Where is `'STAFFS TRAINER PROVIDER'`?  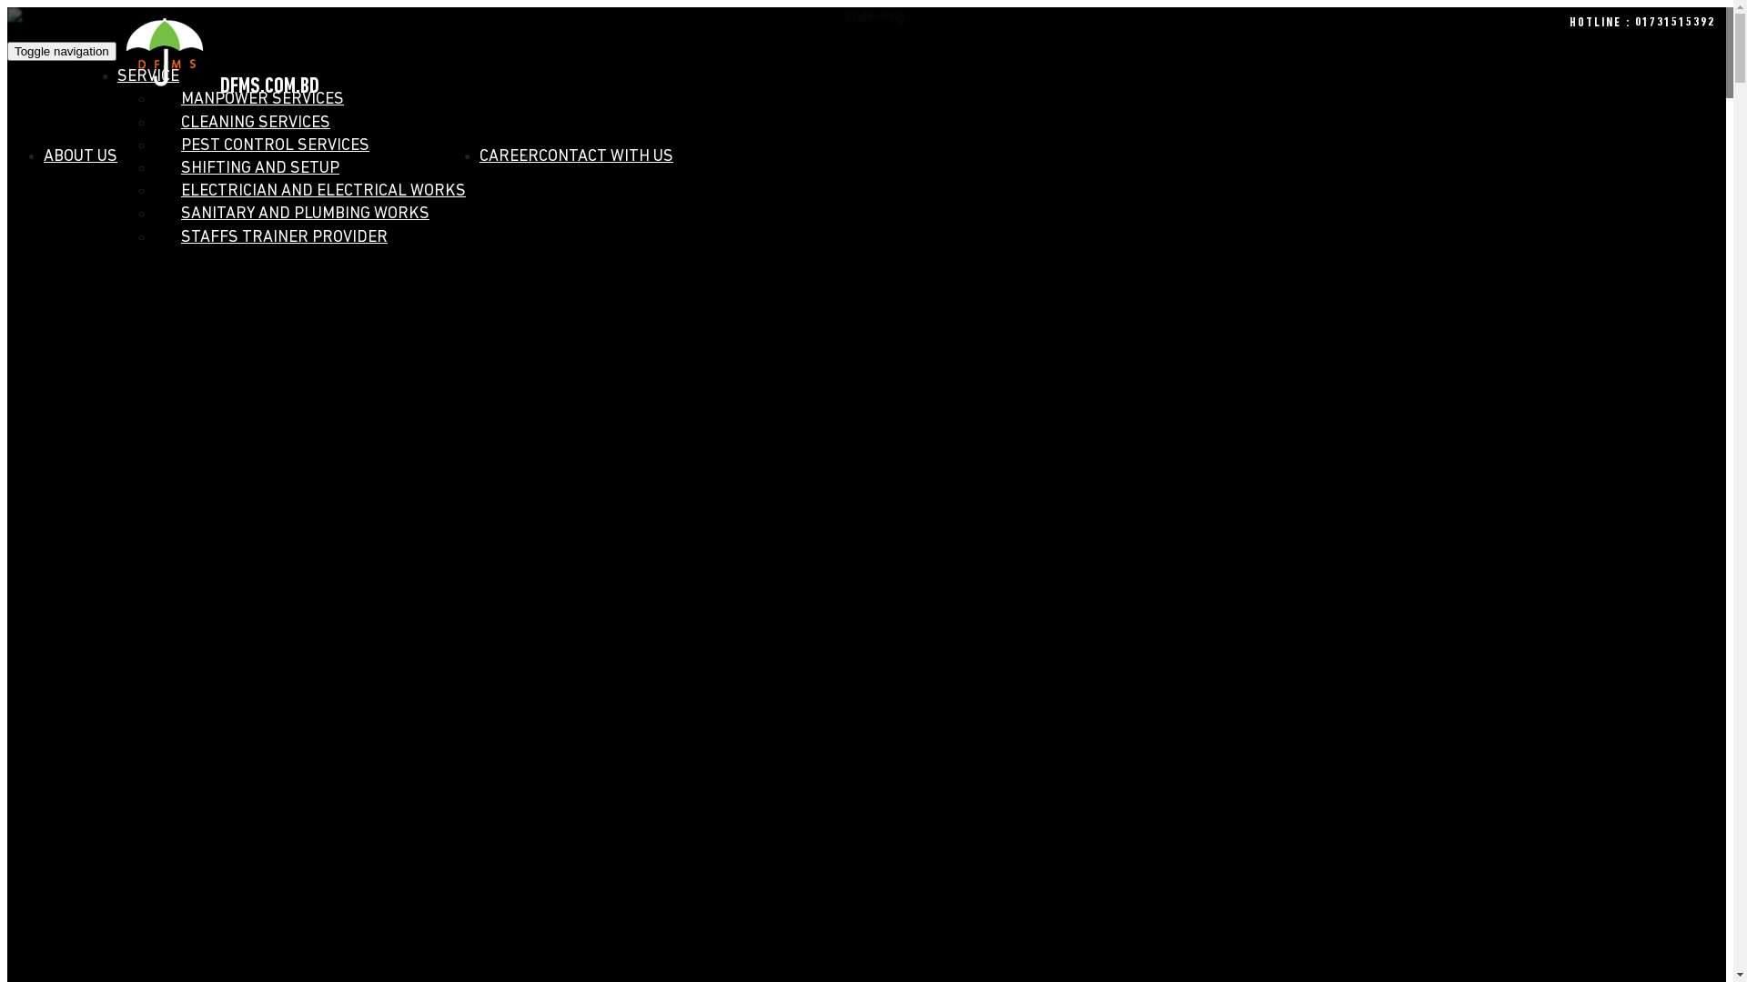 'STAFFS TRAINER PROVIDER' is located at coordinates (277, 236).